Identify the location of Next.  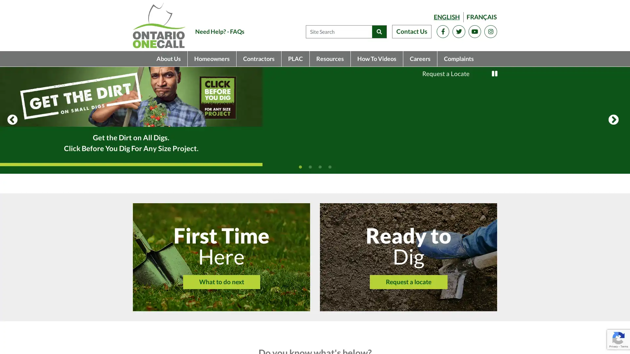
(613, 158).